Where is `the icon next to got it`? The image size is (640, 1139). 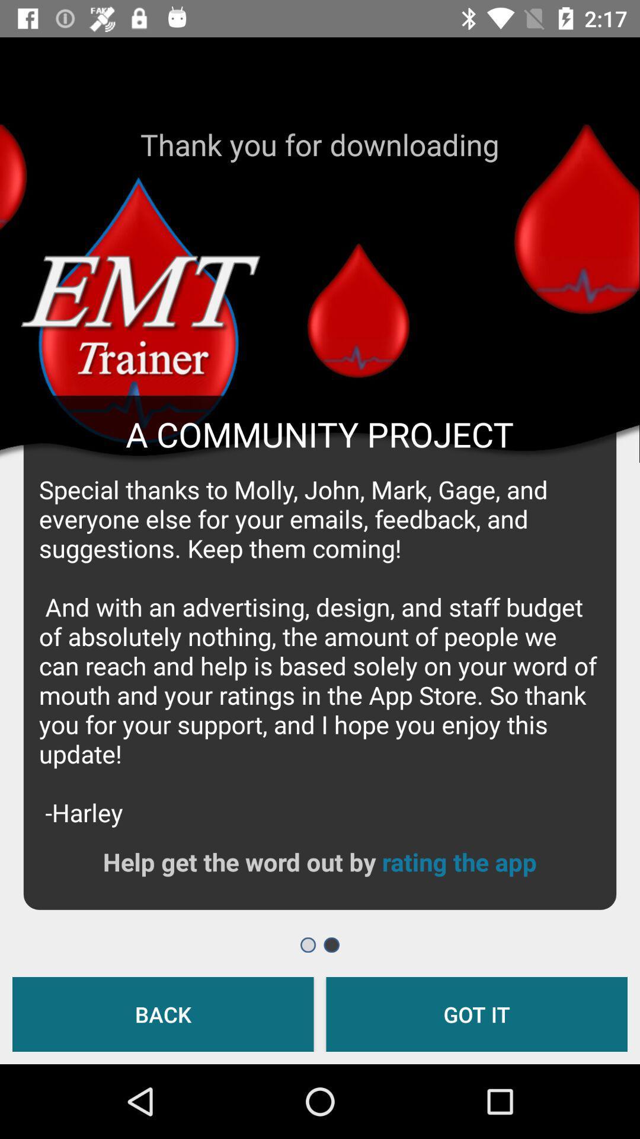 the icon next to got it is located at coordinates (163, 1013).